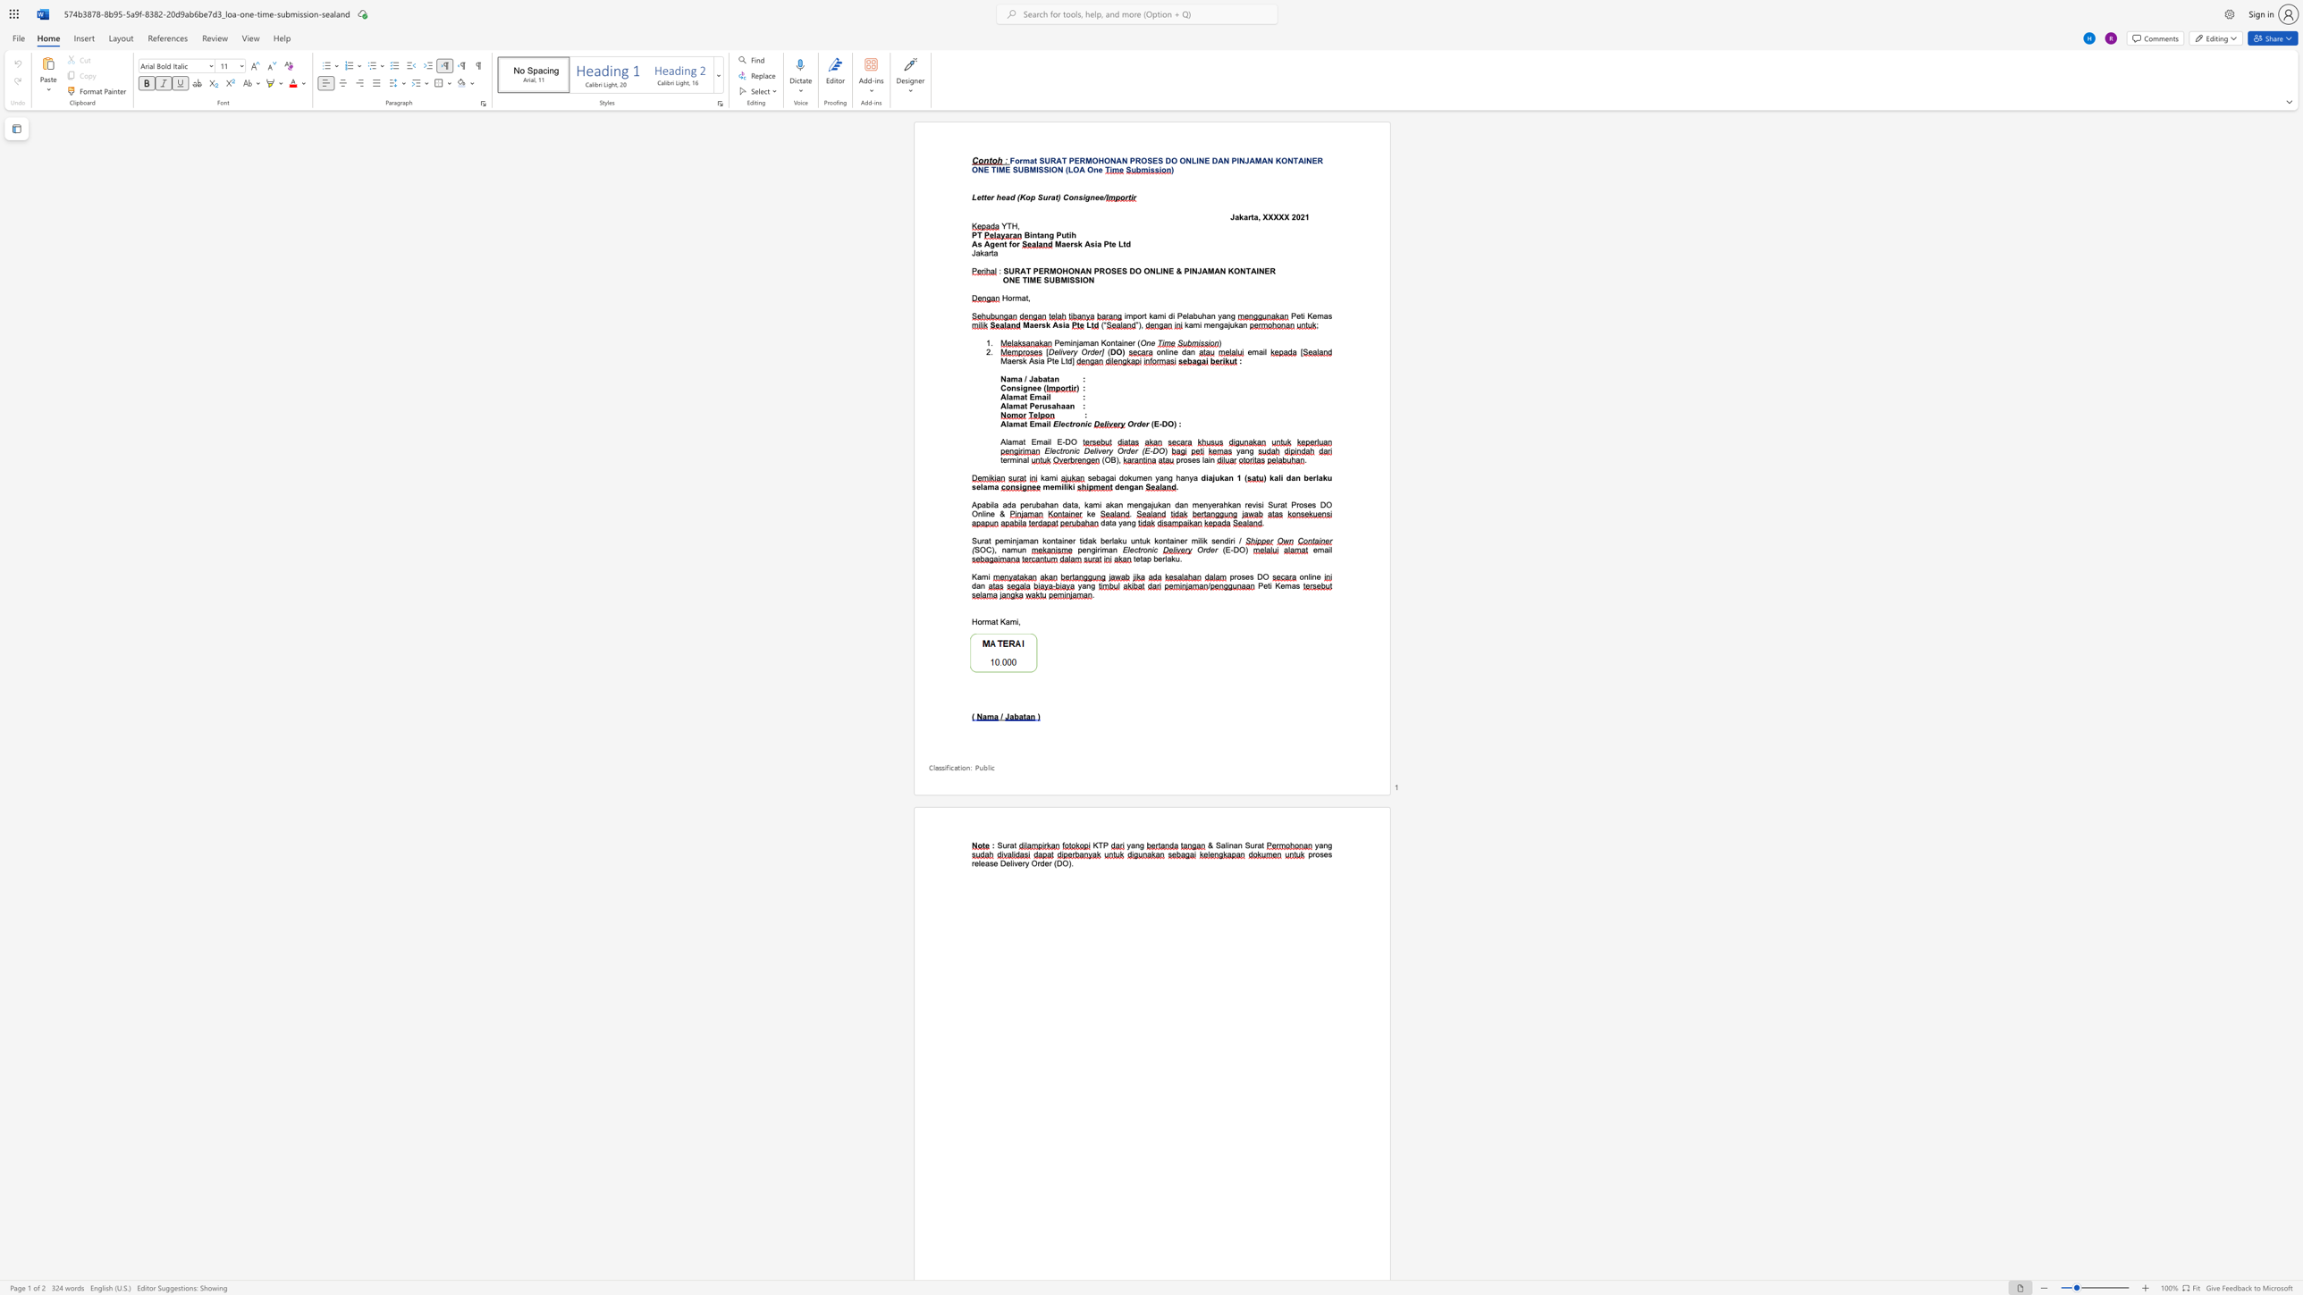 This screenshot has width=2303, height=1295. What do you see at coordinates (1054, 485) in the screenshot?
I see `the subset text "mili" within the text "memiliki"` at bounding box center [1054, 485].